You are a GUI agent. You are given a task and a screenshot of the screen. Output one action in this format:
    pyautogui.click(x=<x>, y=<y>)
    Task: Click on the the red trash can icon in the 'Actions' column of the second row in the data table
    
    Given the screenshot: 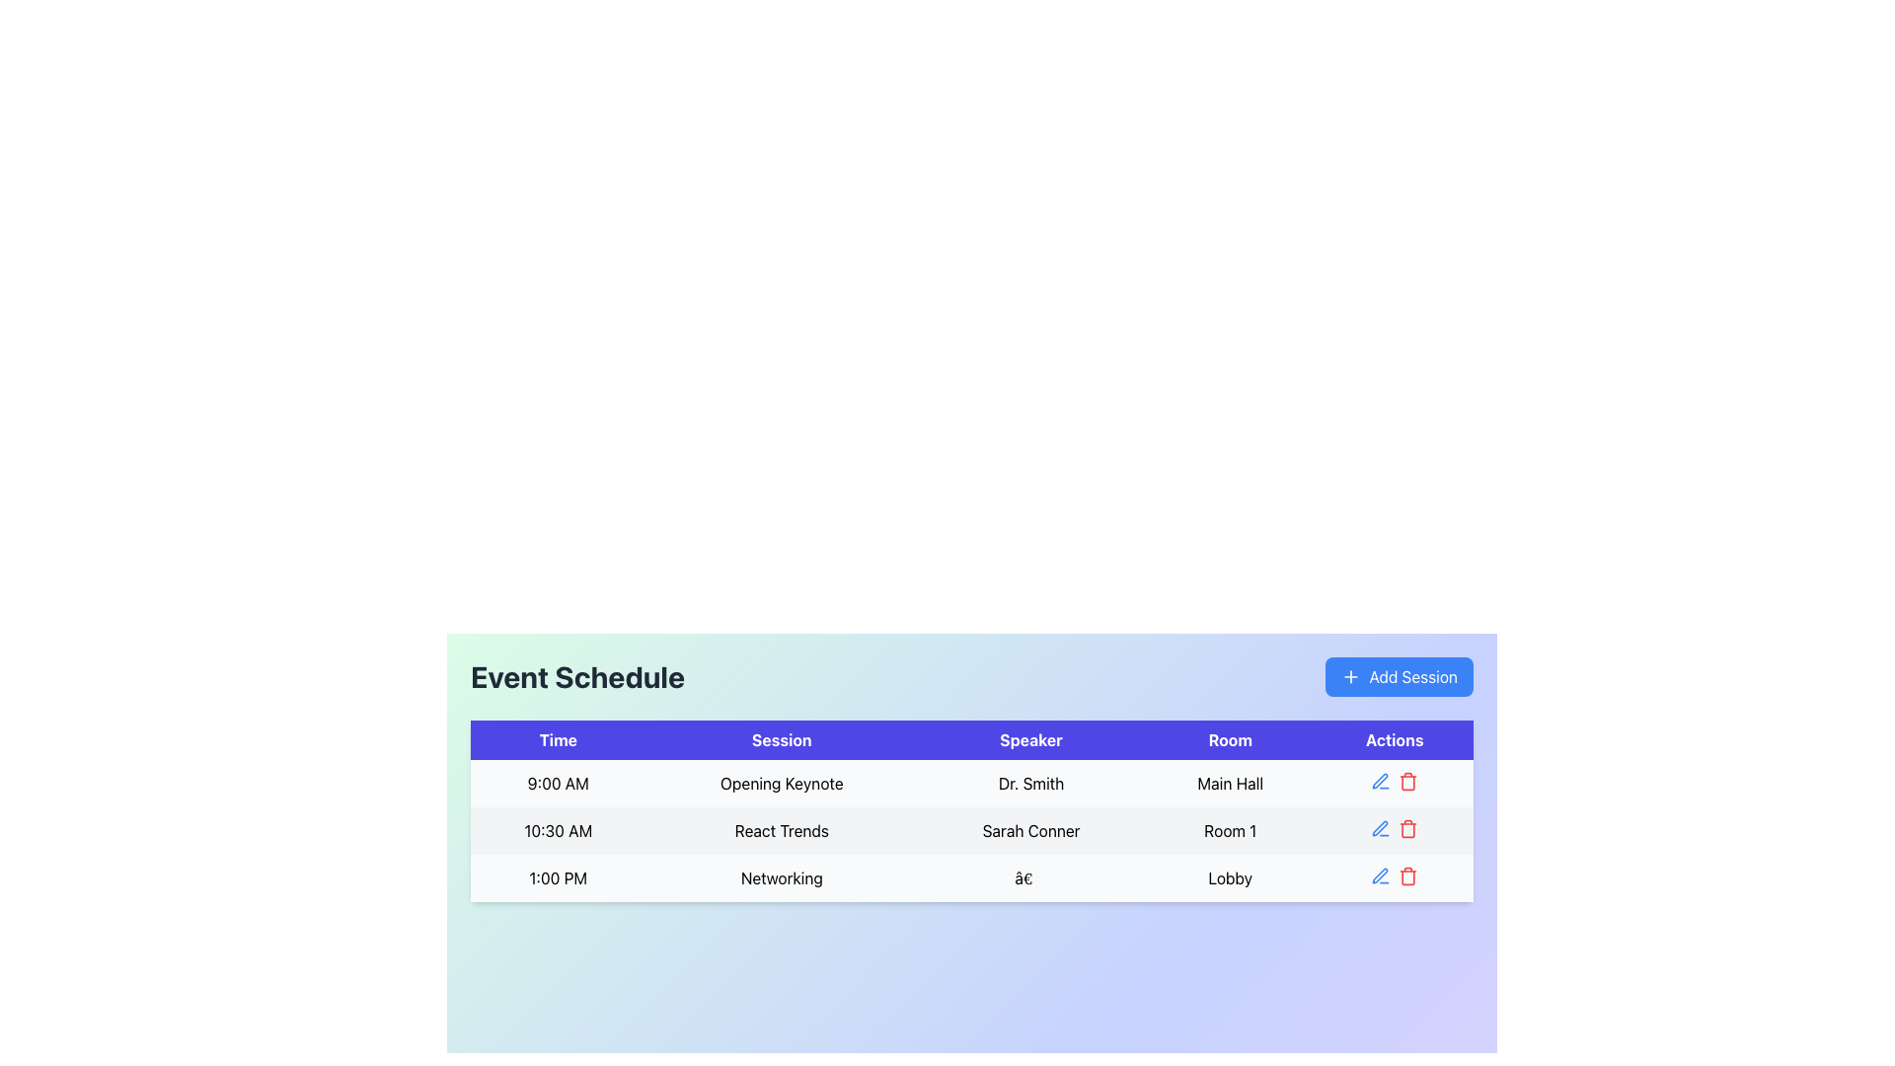 What is the action you would take?
    pyautogui.click(x=1407, y=829)
    